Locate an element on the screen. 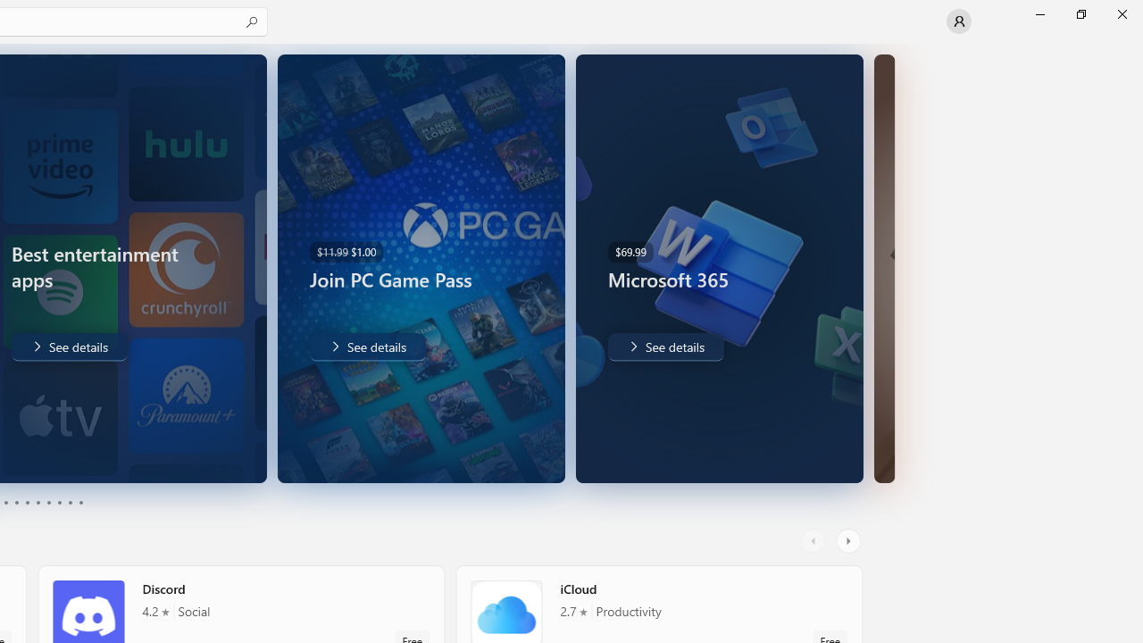  'Page 5' is located at coordinates (27, 503).